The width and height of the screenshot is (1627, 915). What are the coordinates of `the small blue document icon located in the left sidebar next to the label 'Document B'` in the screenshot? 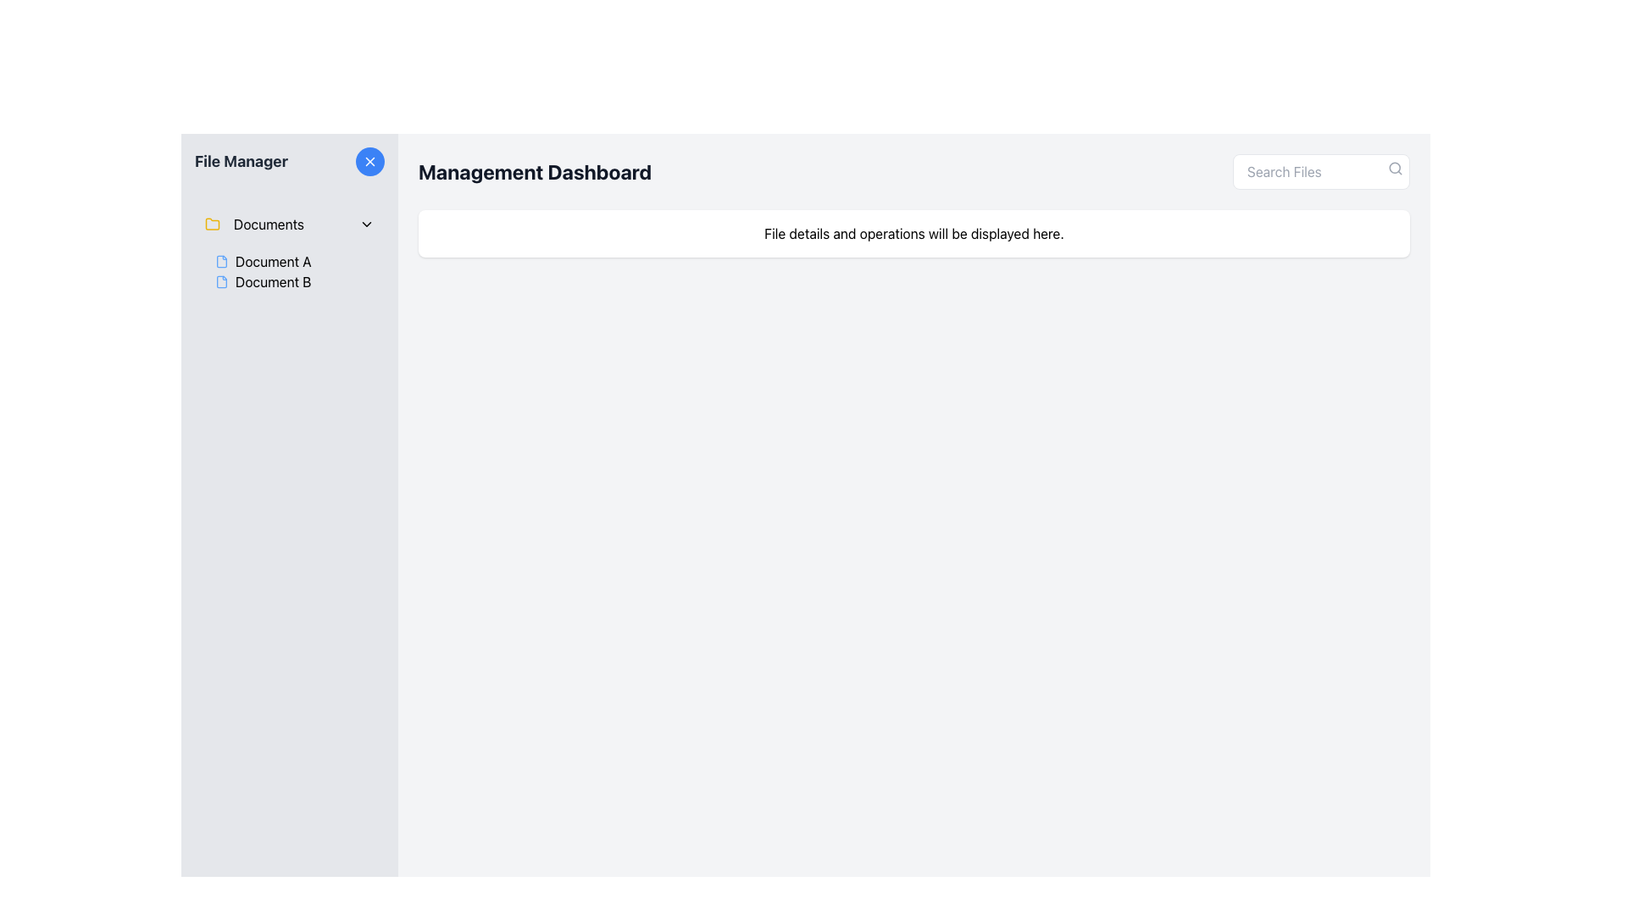 It's located at (221, 280).